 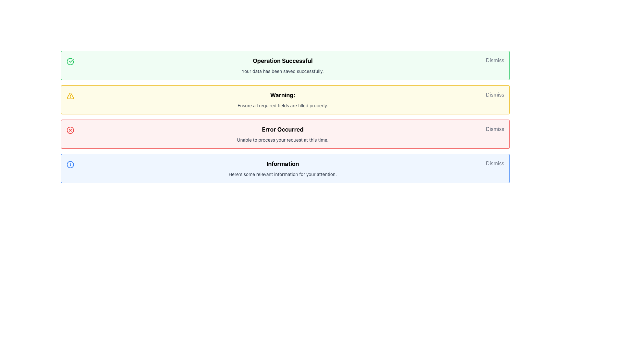 What do you see at coordinates (283, 65) in the screenshot?
I see `the text block displaying 'Operation Successful' which is styled with a bold and large font, located within a green-bordered rectangular box at the top of the interface` at bounding box center [283, 65].